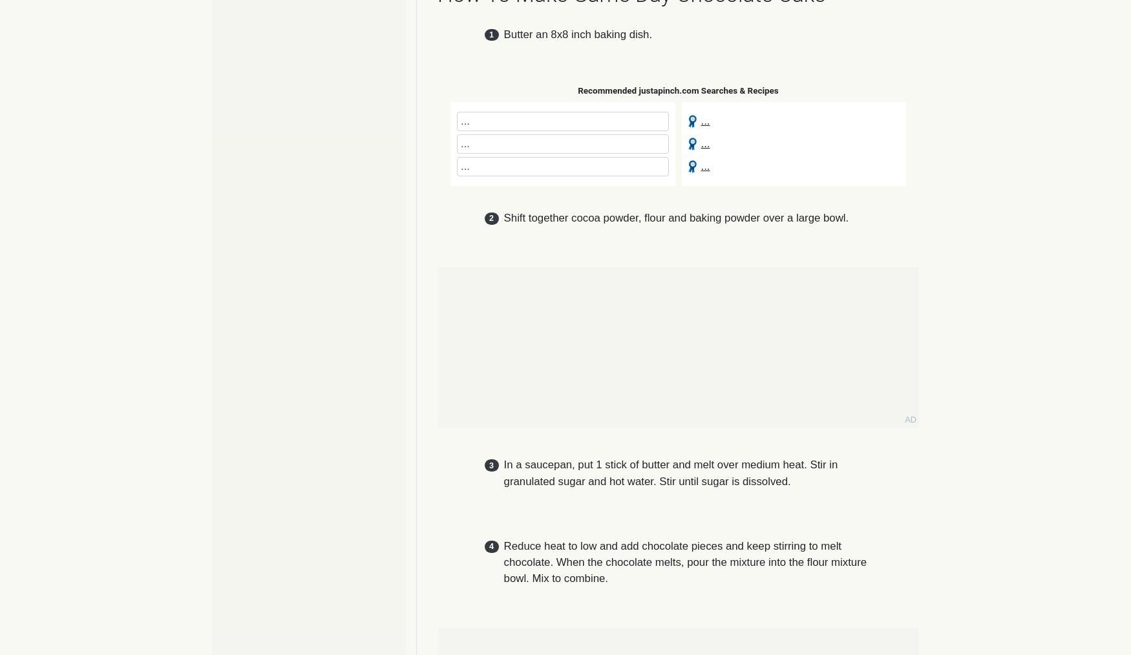 Image resolution: width=1131 pixels, height=655 pixels. I want to click on '3', so click(491, 464).